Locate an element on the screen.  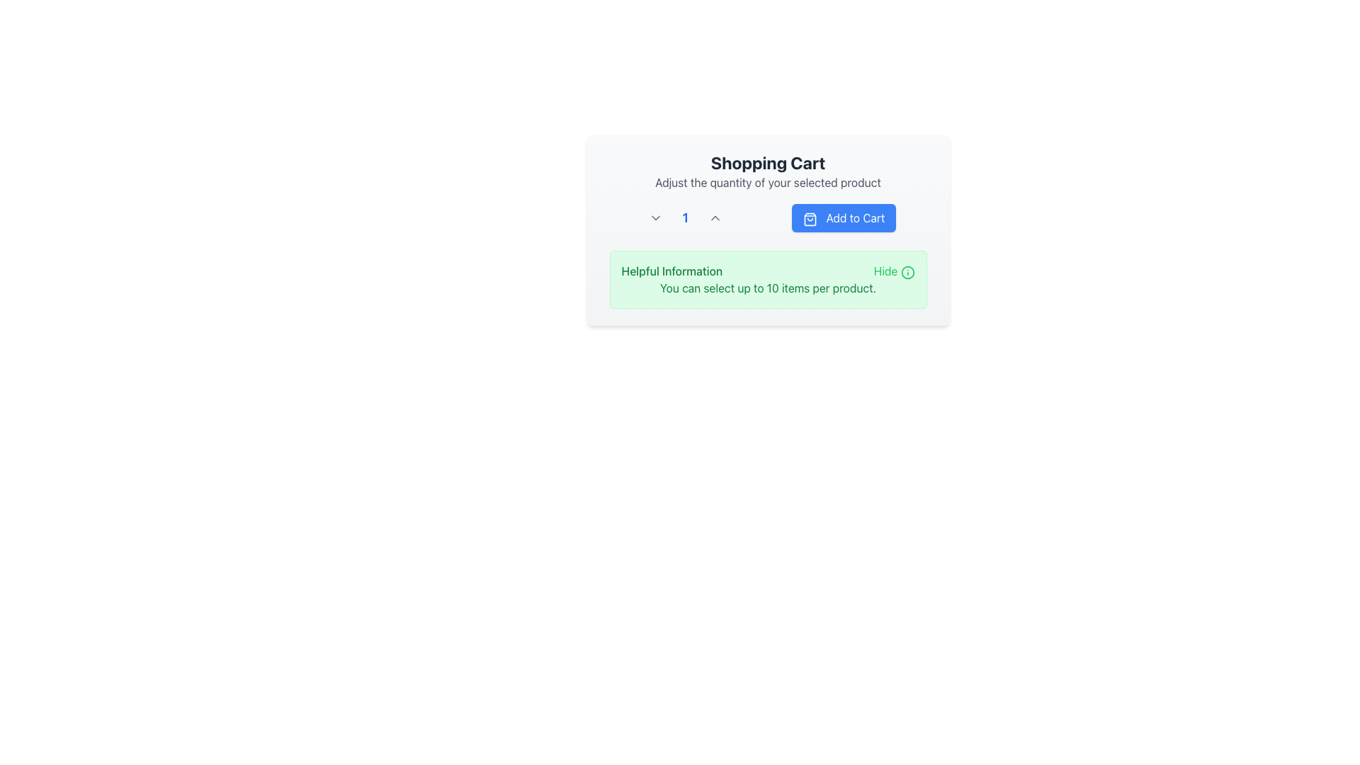
the increment button within the shopping cart interface to increase the product quantity is located at coordinates (767, 229).